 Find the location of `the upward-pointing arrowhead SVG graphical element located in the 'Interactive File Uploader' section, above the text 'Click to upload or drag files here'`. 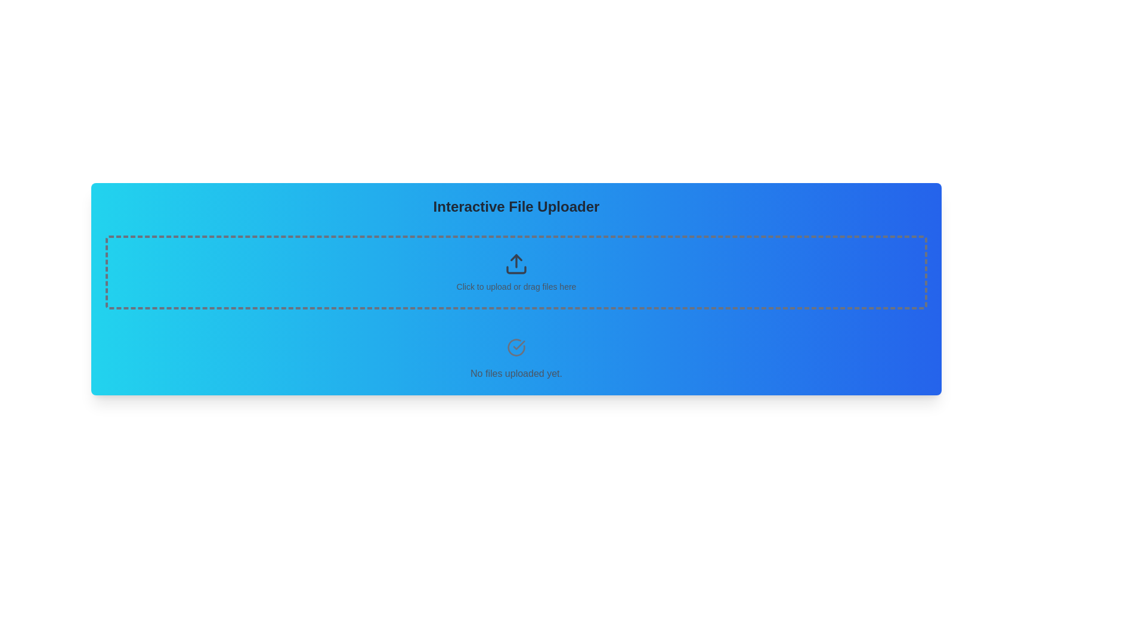

the upward-pointing arrowhead SVG graphical element located in the 'Interactive File Uploader' section, above the text 'Click to upload or drag files here' is located at coordinates (516, 257).